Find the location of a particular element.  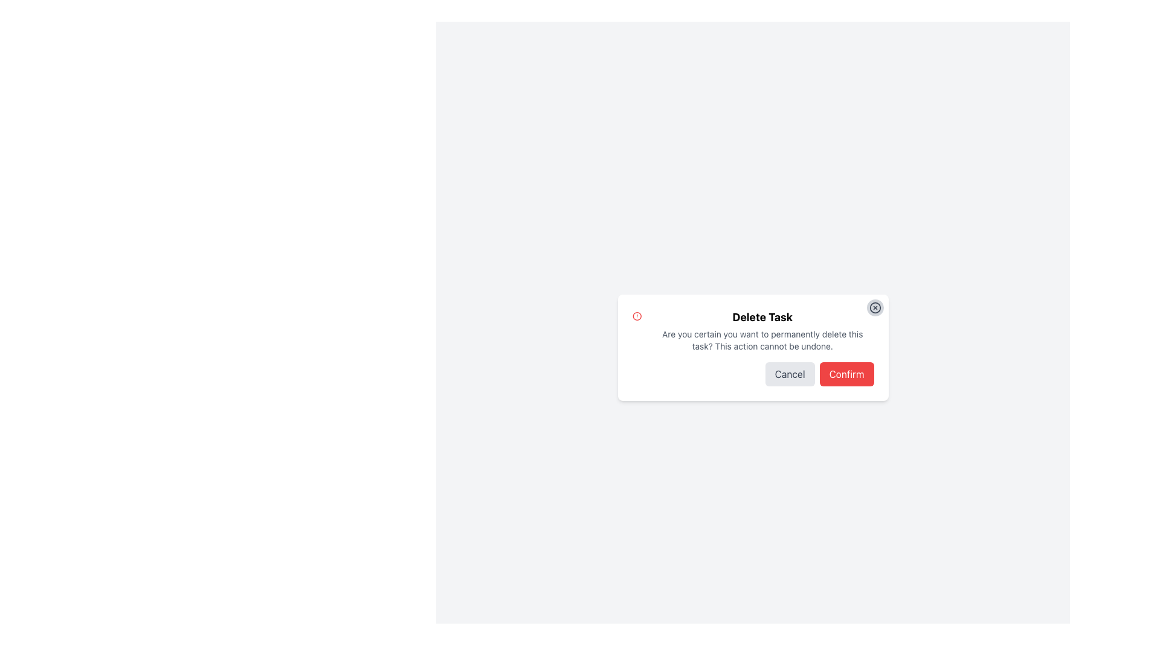

the main informational text block in the delete confirmation dialog that informs the user about the consequences of their deletion action is located at coordinates (762, 330).